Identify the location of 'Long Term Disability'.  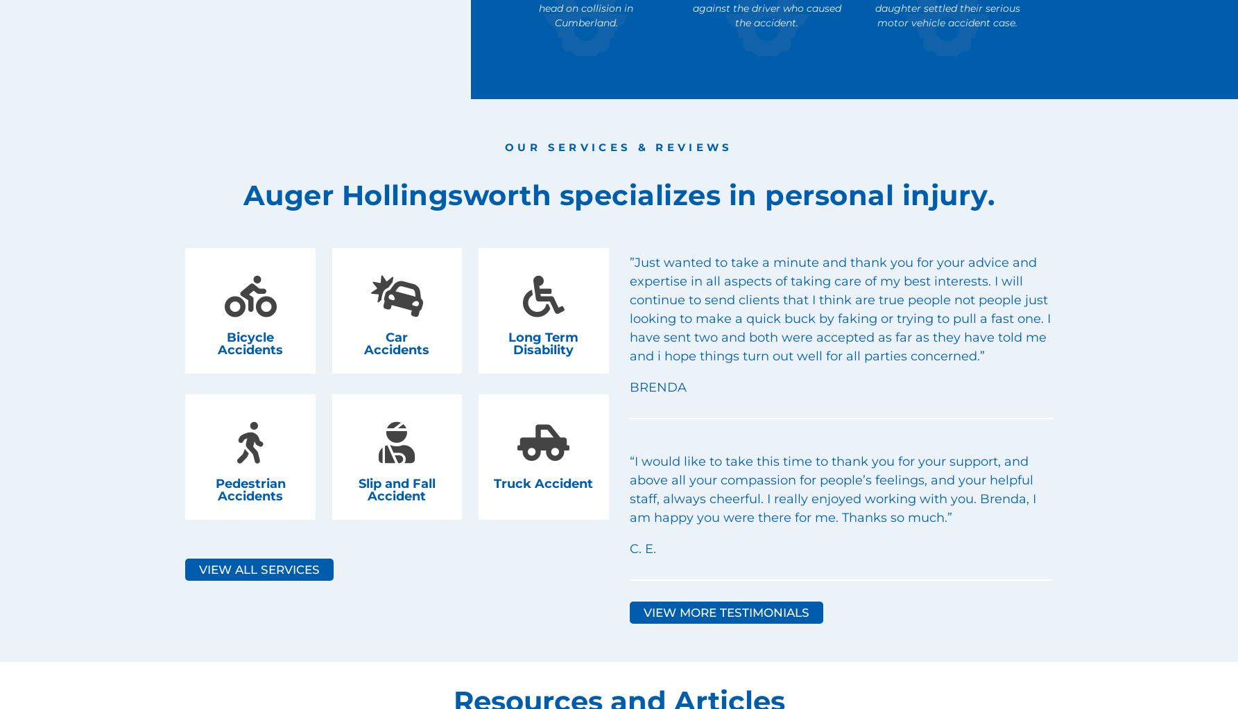
(543, 343).